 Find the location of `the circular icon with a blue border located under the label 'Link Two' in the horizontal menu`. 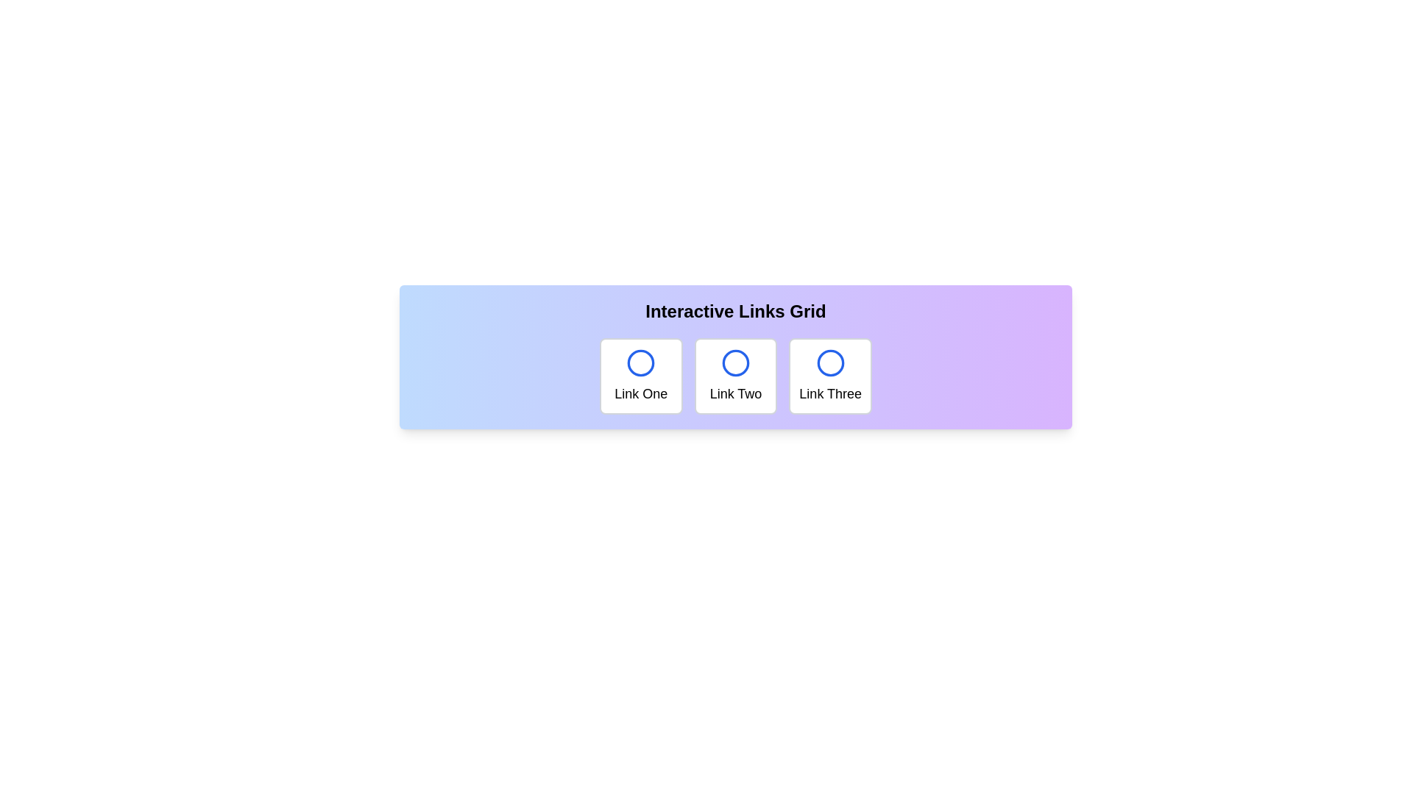

the circular icon with a blue border located under the label 'Link Two' in the horizontal menu is located at coordinates (735, 362).